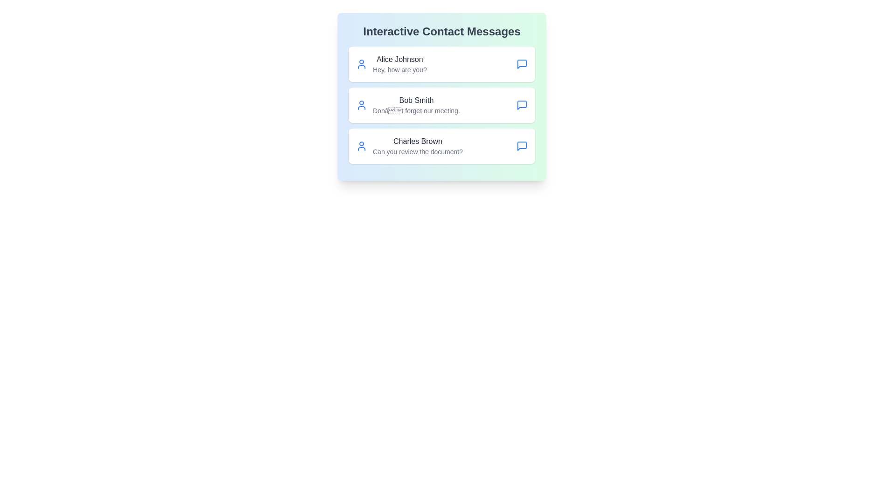 The height and width of the screenshot is (503, 895). I want to click on message icon next to the contact named Bob Smith, so click(521, 105).